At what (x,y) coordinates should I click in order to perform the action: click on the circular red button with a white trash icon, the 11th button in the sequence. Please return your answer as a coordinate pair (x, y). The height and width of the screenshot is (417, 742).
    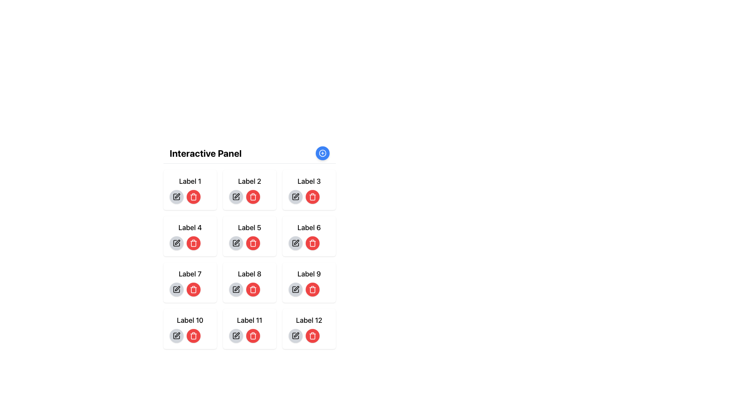
    Looking at the image, I should click on (253, 336).